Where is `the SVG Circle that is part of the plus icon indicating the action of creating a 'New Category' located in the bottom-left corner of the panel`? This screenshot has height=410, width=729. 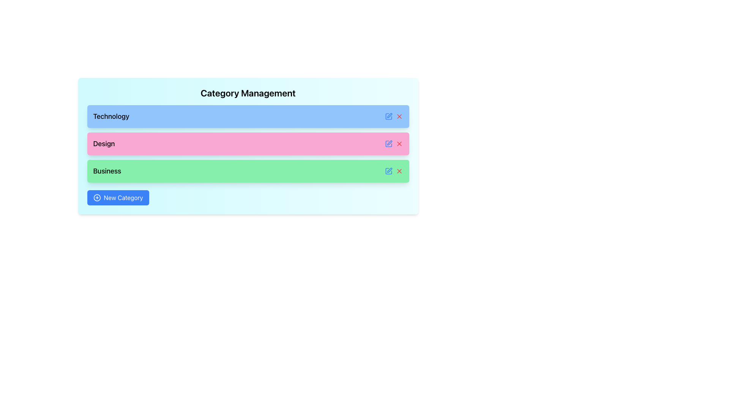 the SVG Circle that is part of the plus icon indicating the action of creating a 'New Category' located in the bottom-left corner of the panel is located at coordinates (96, 197).